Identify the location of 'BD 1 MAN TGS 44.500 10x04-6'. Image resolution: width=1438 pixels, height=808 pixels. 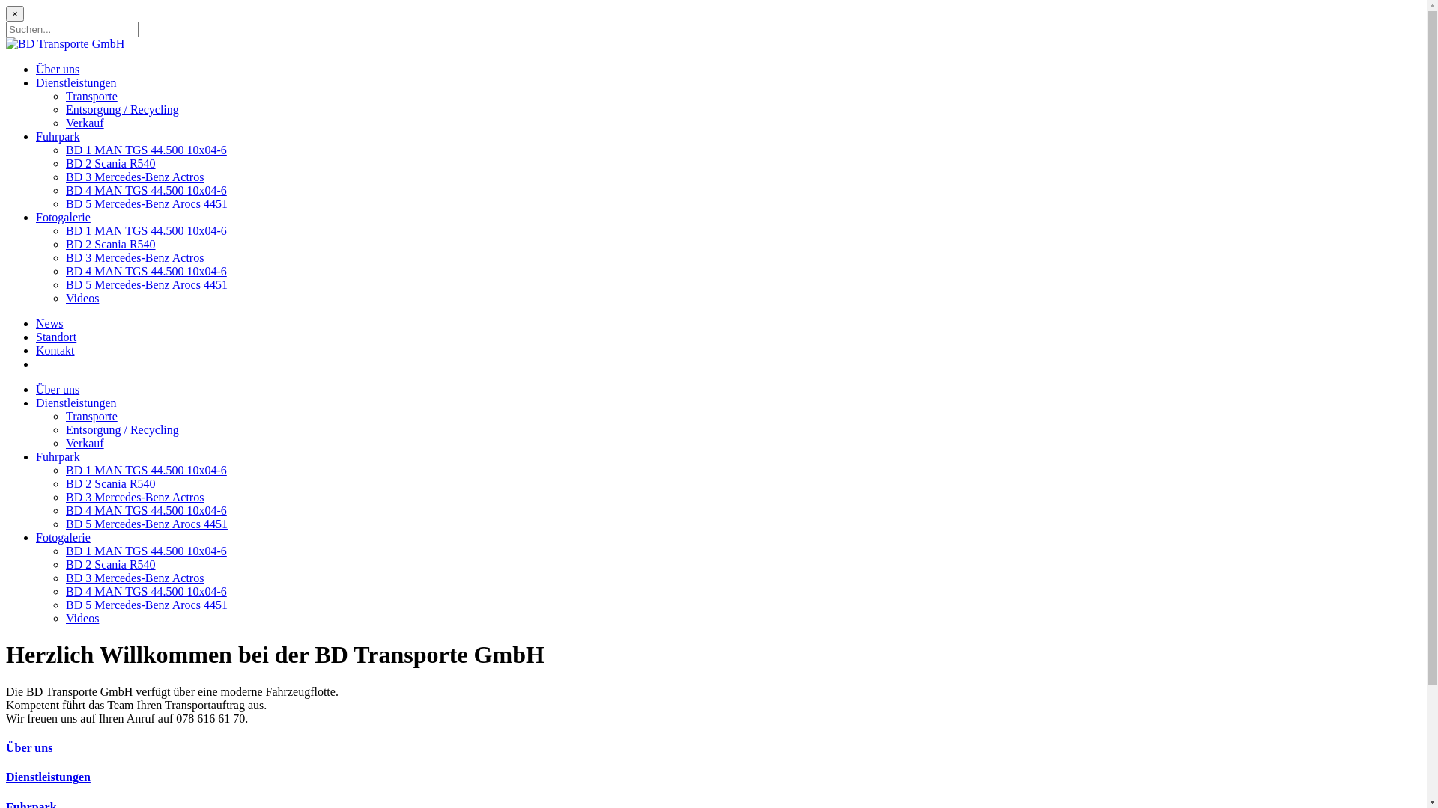
(146, 230).